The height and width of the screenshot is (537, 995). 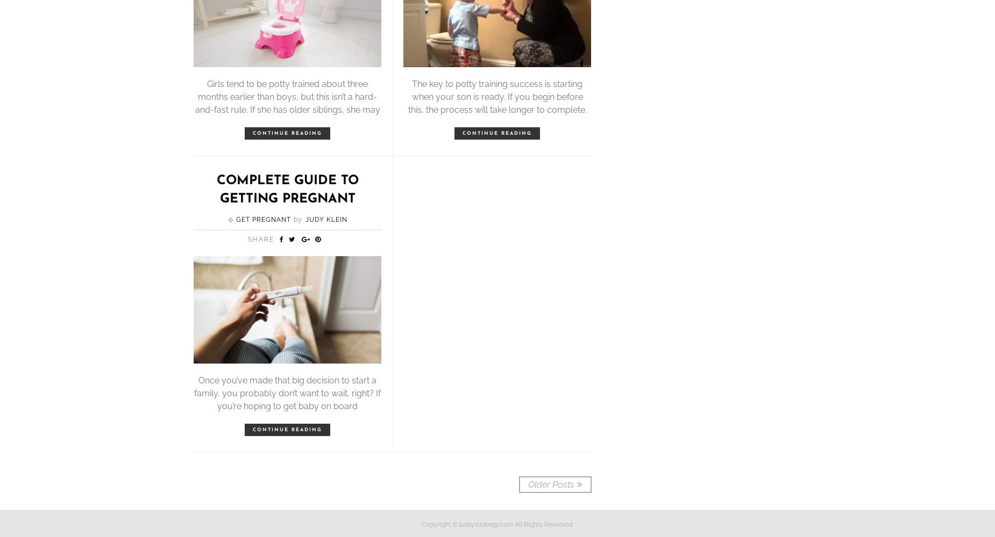 I want to click on 'Judy Klein', so click(x=326, y=220).